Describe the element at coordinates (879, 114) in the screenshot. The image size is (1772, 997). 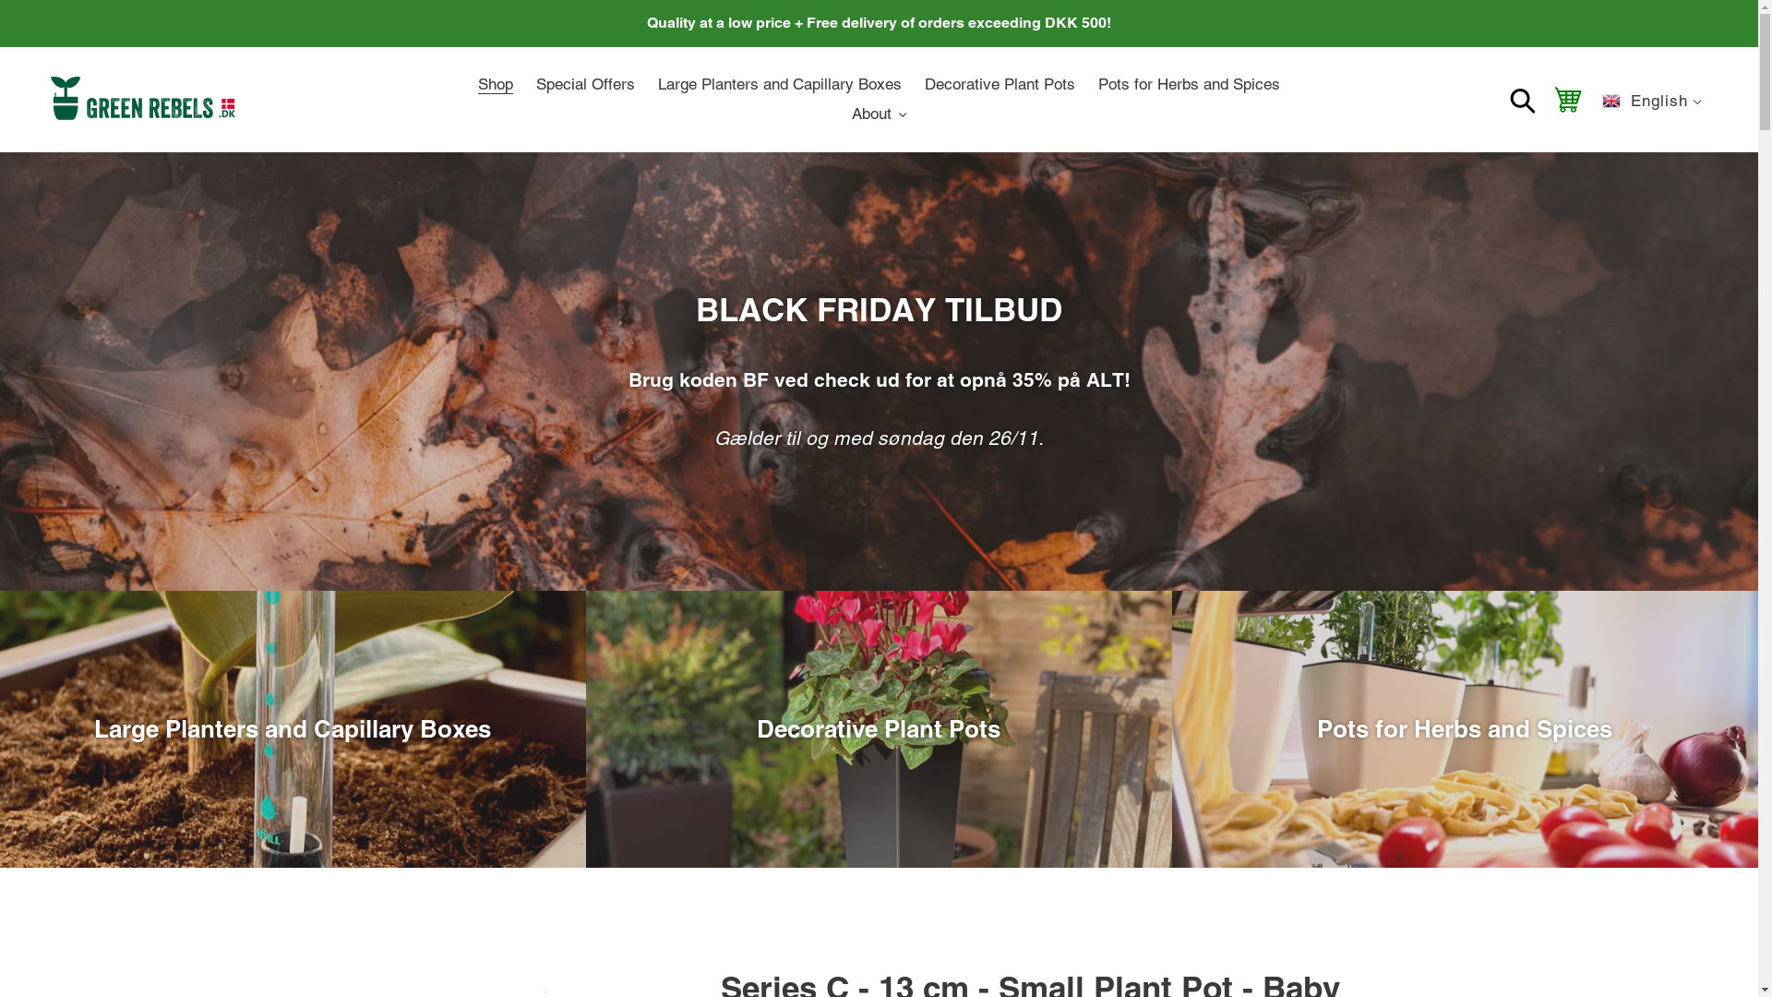
I see `'About'` at that location.